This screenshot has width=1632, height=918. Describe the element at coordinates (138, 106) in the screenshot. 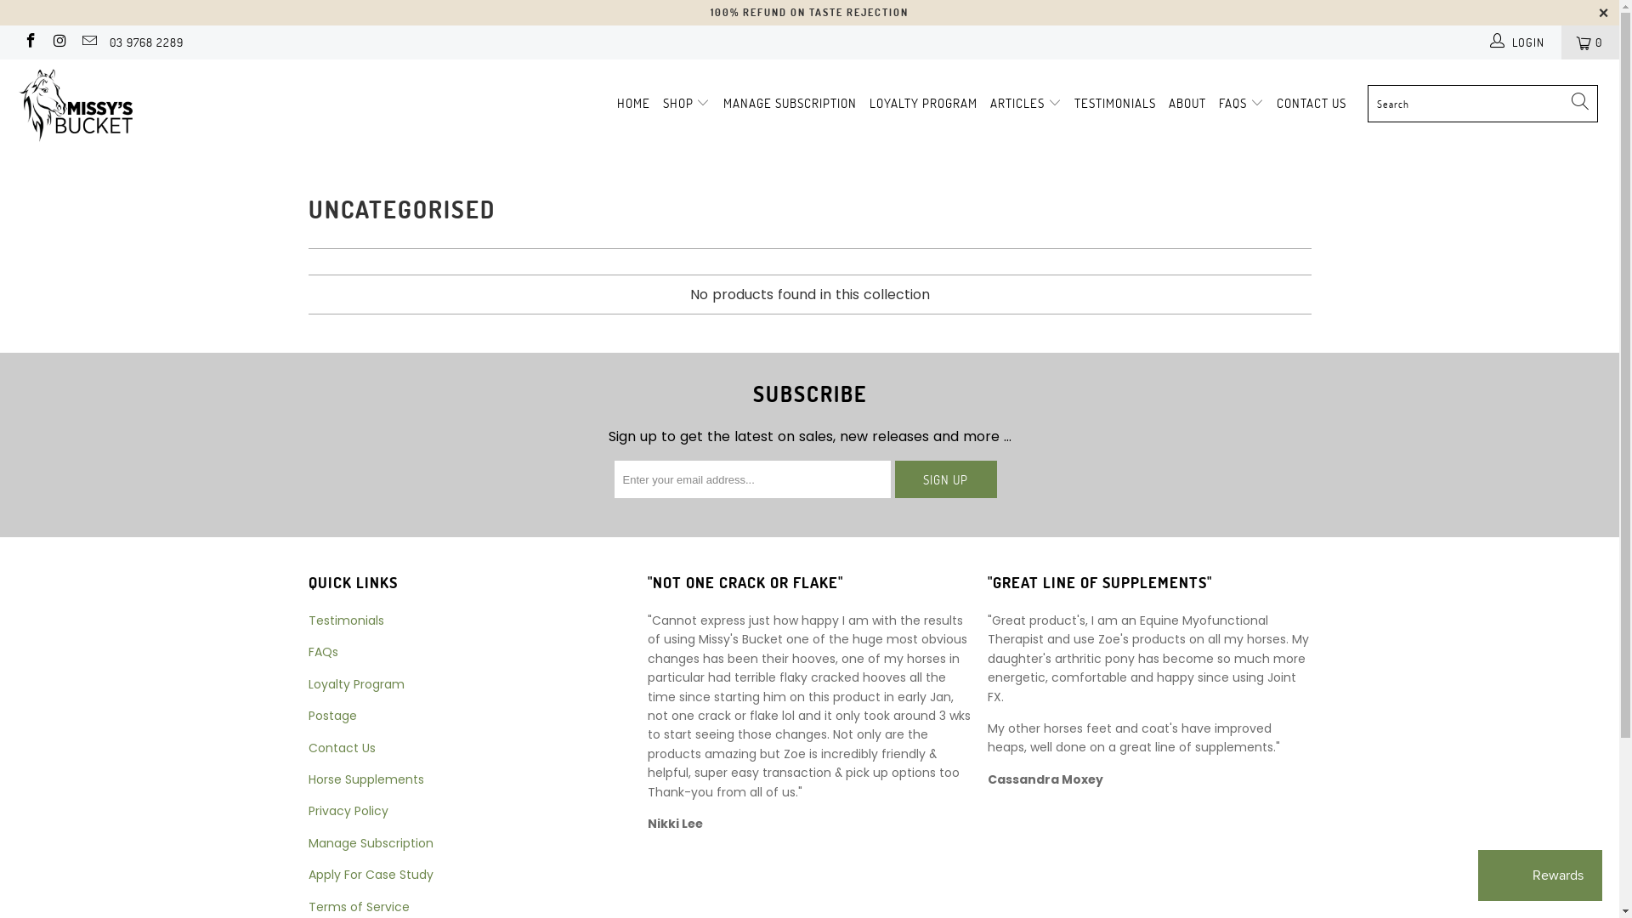

I see `'Missy's Bucket'` at that location.